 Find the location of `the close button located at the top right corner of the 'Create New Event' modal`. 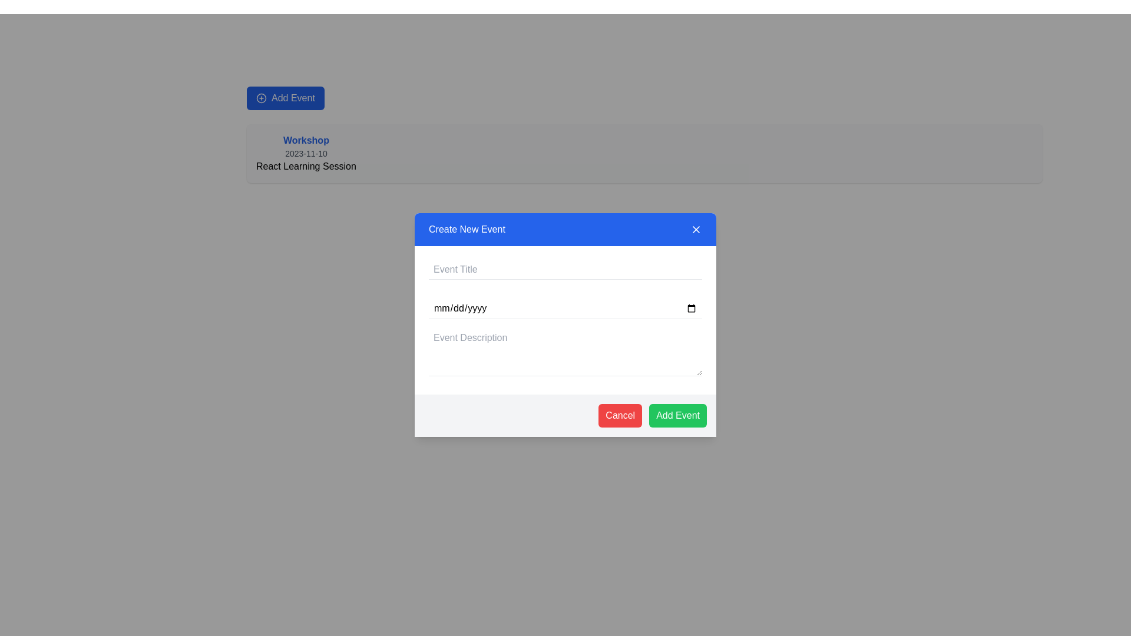

the close button located at the top right corner of the 'Create New Event' modal is located at coordinates (696, 229).